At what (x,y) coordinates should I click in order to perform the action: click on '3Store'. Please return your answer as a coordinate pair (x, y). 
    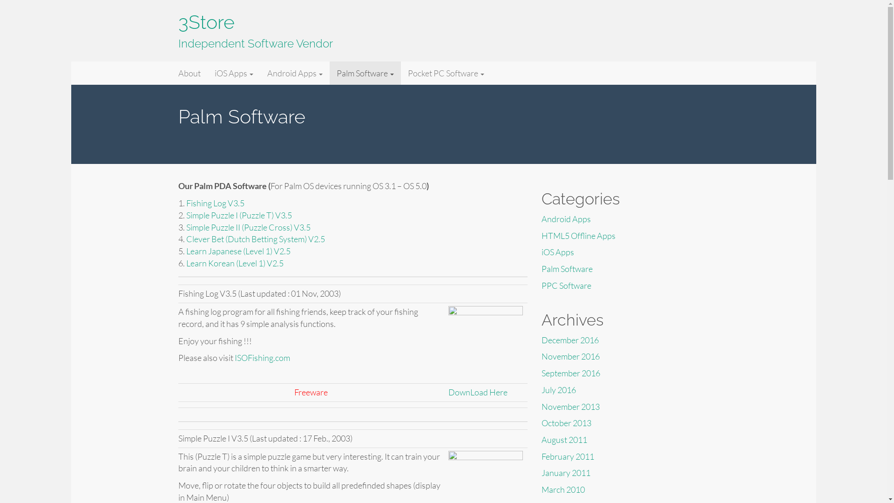
    Looking at the image, I should click on (191, 73).